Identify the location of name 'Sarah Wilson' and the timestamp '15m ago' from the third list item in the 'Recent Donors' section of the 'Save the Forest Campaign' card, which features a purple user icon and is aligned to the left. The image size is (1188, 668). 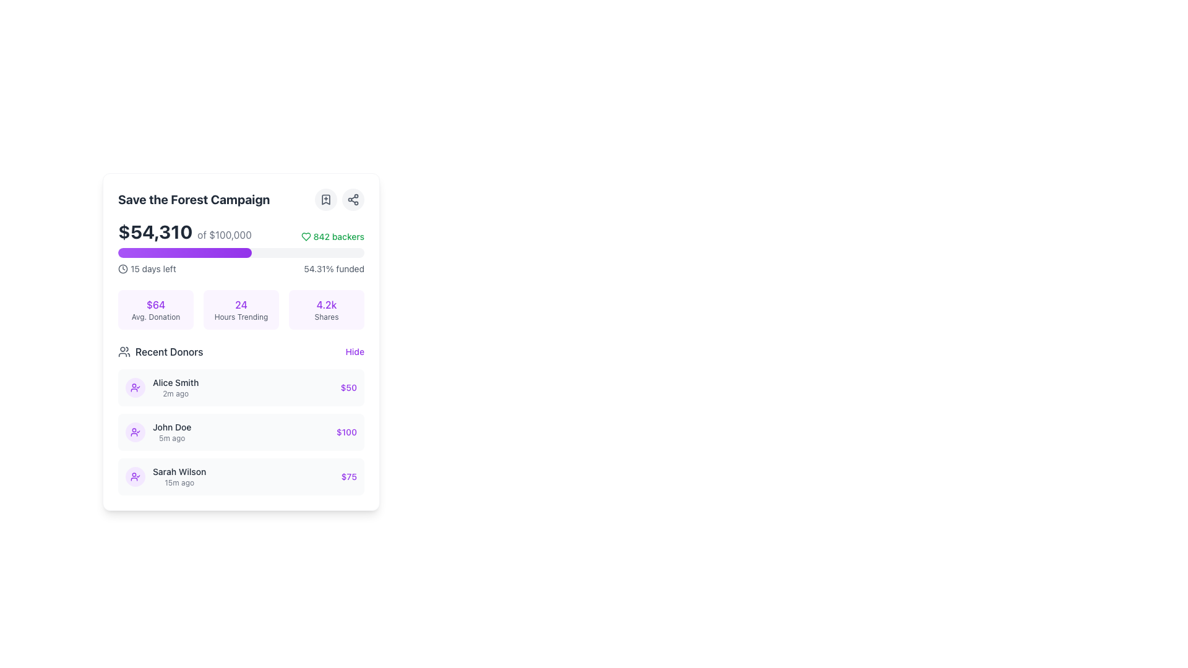
(165, 476).